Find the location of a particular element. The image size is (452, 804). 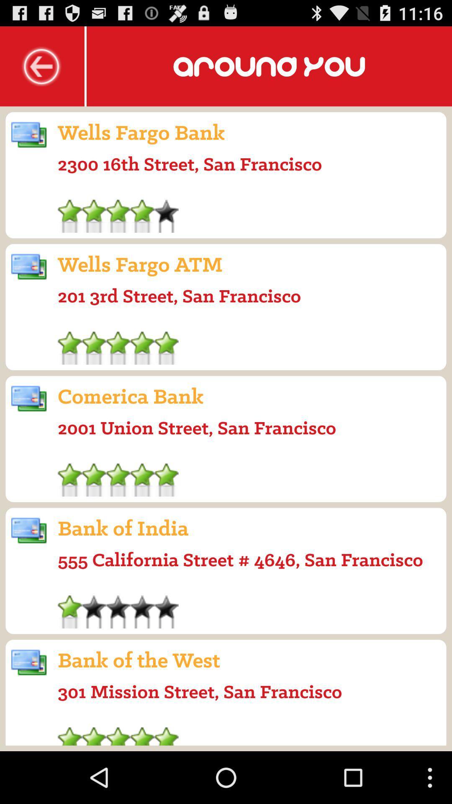

555 california street is located at coordinates (240, 559).